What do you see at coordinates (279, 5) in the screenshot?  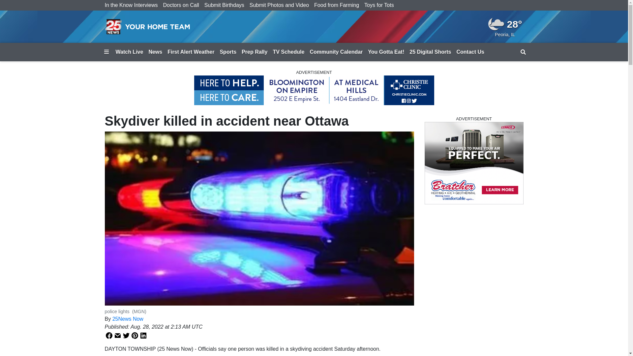 I see `'Submit Photos and Video'` at bounding box center [279, 5].